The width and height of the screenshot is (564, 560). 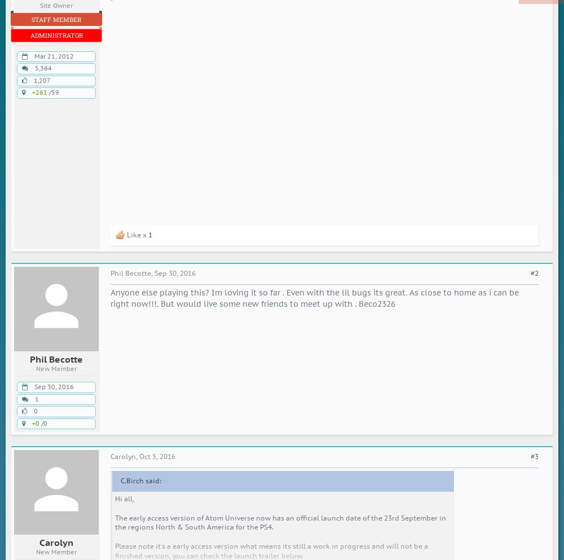 What do you see at coordinates (271, 550) in the screenshot?
I see `'Please note it's a early access version what means its still a work in progress and will not be a finished version, you can check the launch trailer below.'` at bounding box center [271, 550].